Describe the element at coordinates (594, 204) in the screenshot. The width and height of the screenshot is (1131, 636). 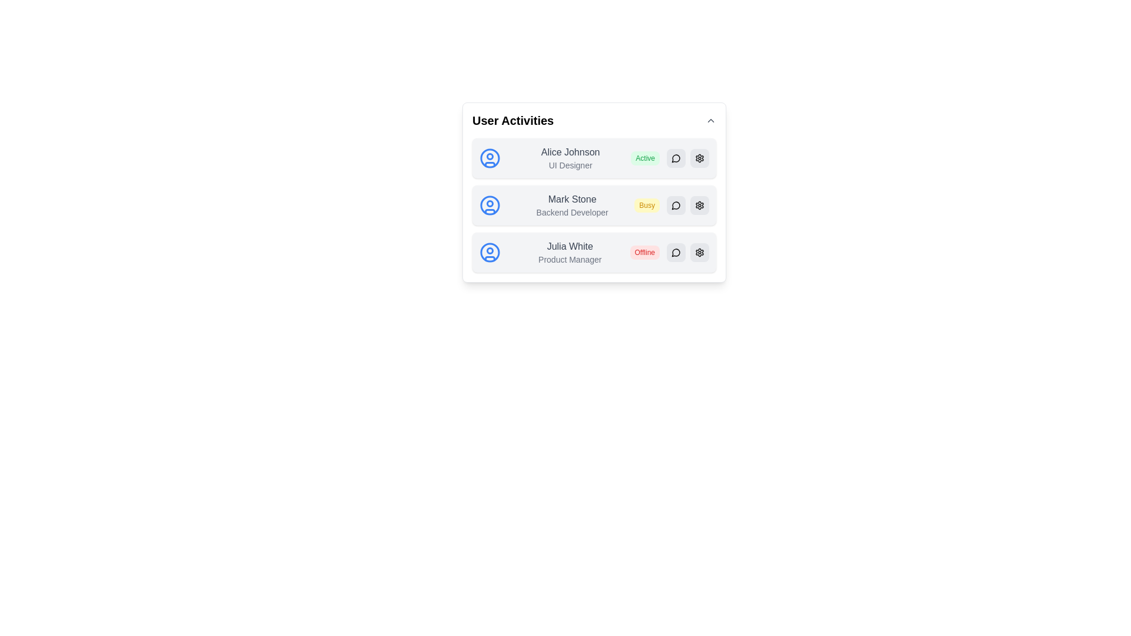
I see `the User Information Card displaying 'Mark Stone'` at that location.